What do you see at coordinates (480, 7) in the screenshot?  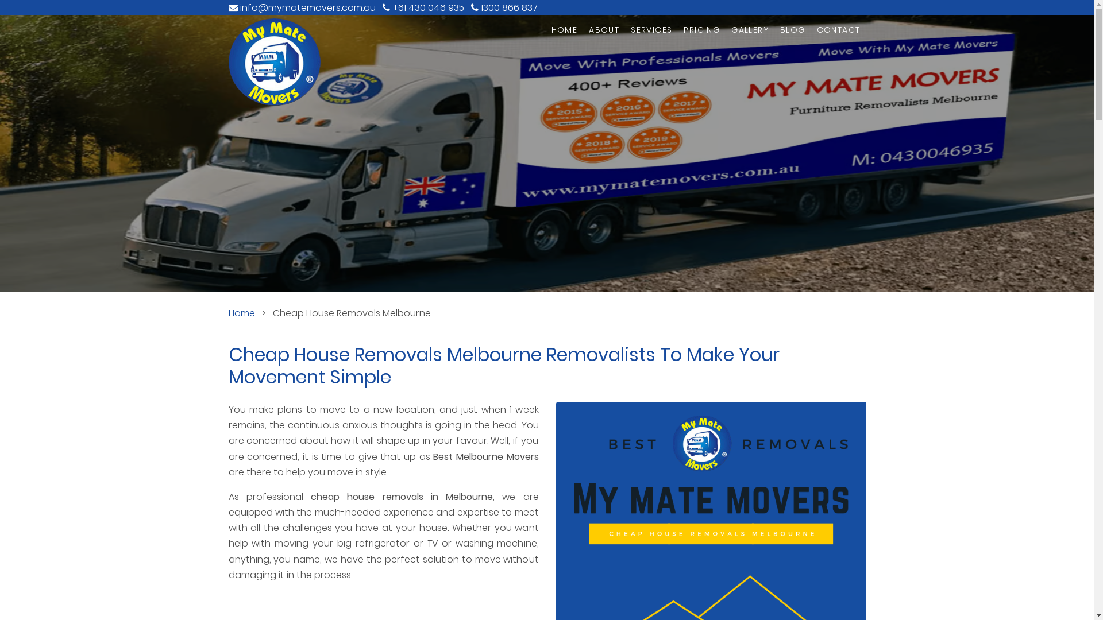 I see `'1300 866 837'` at bounding box center [480, 7].